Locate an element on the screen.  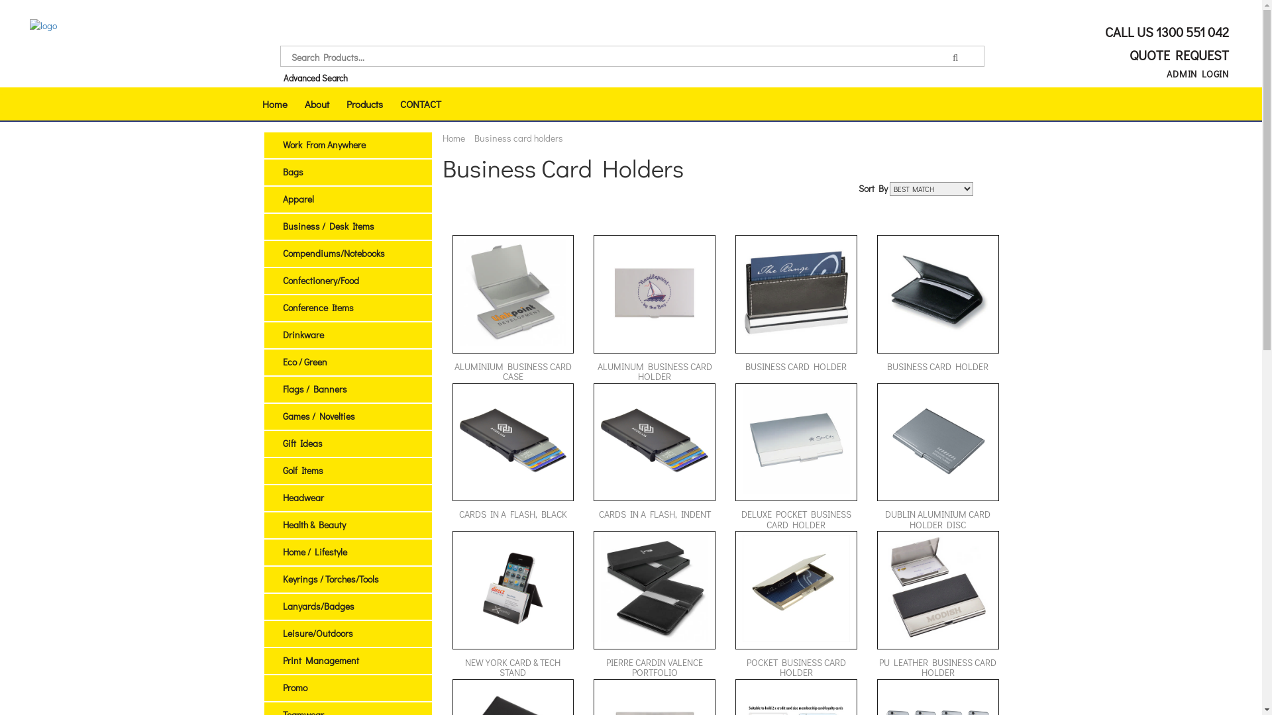
'Health & Beauty' is located at coordinates (313, 524).